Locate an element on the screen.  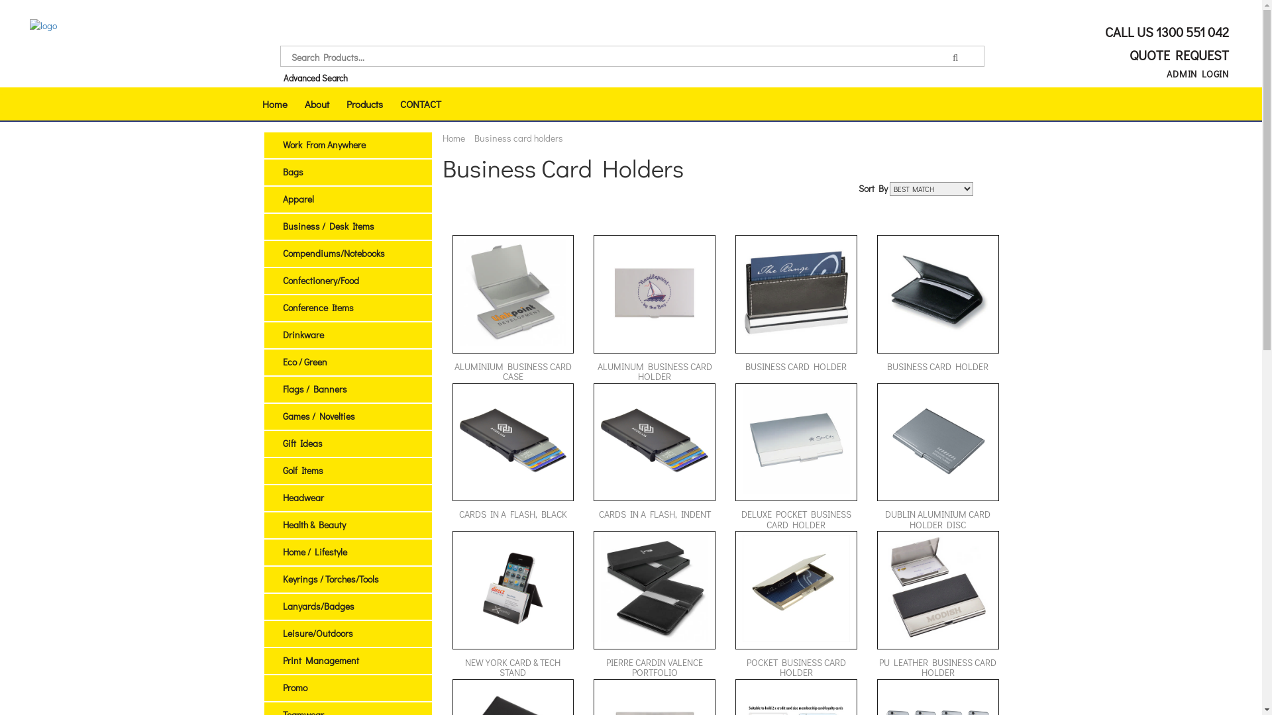
'Health & Beauty' is located at coordinates (313, 524).